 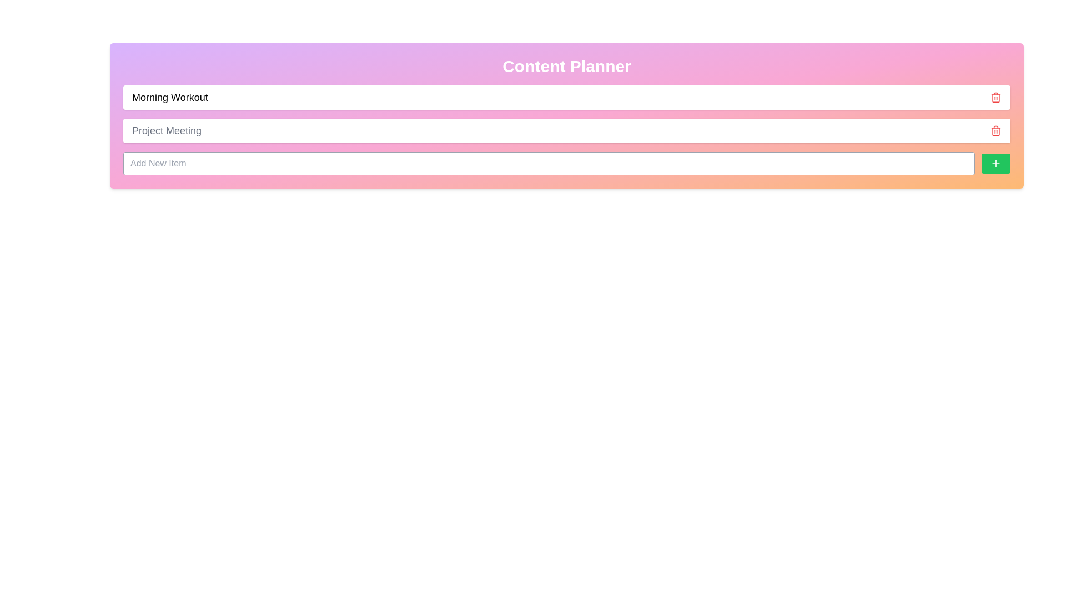 I want to click on the green rectangular button with a white plus icon, so click(x=996, y=163).